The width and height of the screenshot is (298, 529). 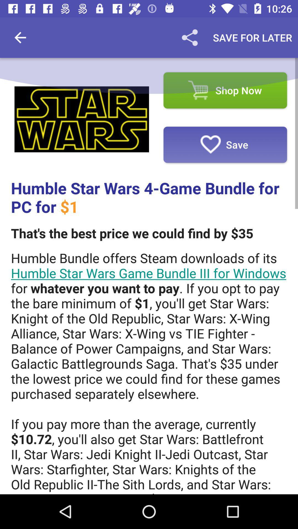 I want to click on item next to save for later, so click(x=189, y=37).